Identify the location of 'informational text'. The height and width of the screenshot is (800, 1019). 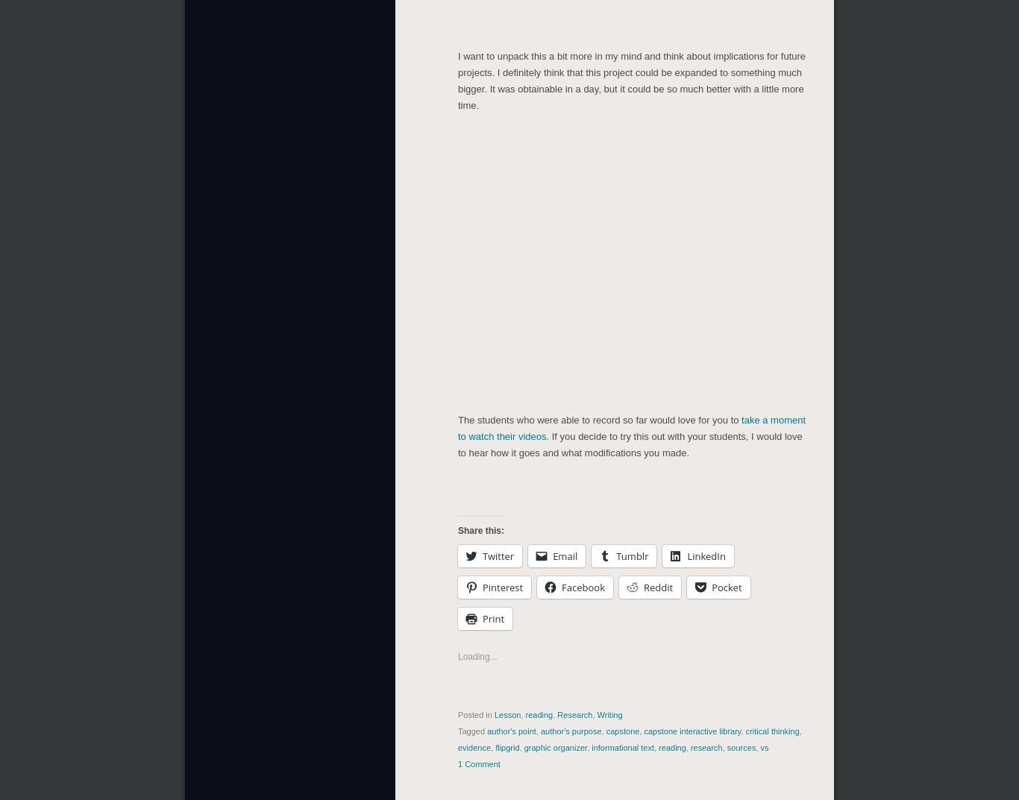
(621, 746).